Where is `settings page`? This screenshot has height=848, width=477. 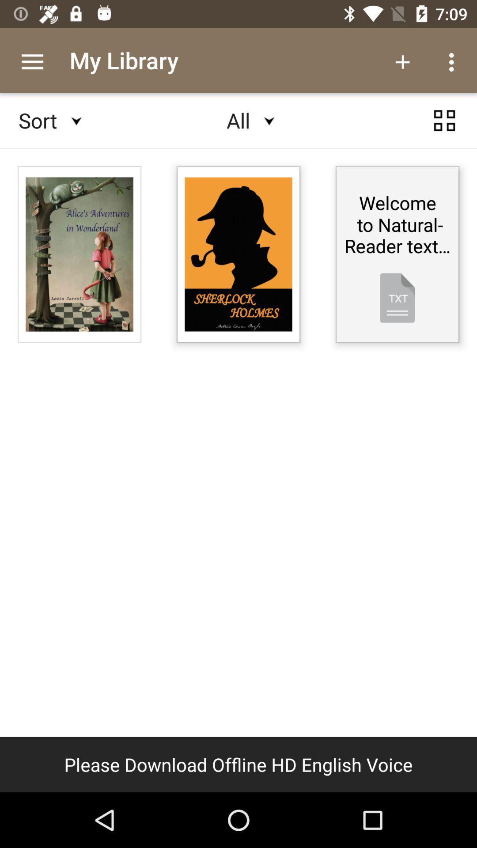 settings page is located at coordinates (444, 120).